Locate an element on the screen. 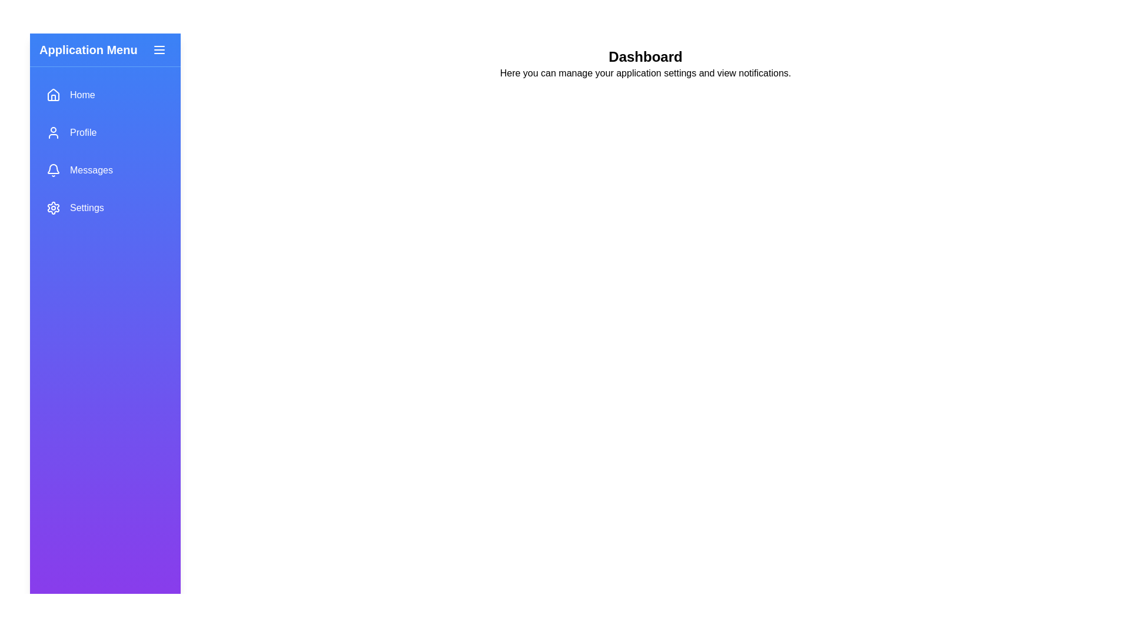 This screenshot has width=1130, height=635. the 'Settings' navigation label in the vertical menu of the sidebar, which is located to the right of the gear icon is located at coordinates (86, 208).